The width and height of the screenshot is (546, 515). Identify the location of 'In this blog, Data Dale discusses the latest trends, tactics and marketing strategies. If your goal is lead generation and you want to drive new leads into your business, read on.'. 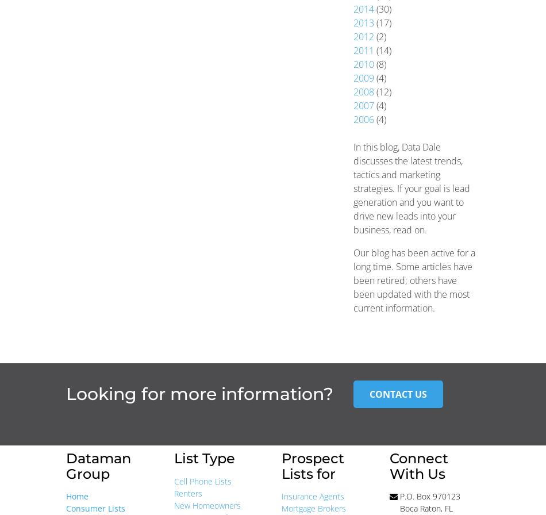
(411, 189).